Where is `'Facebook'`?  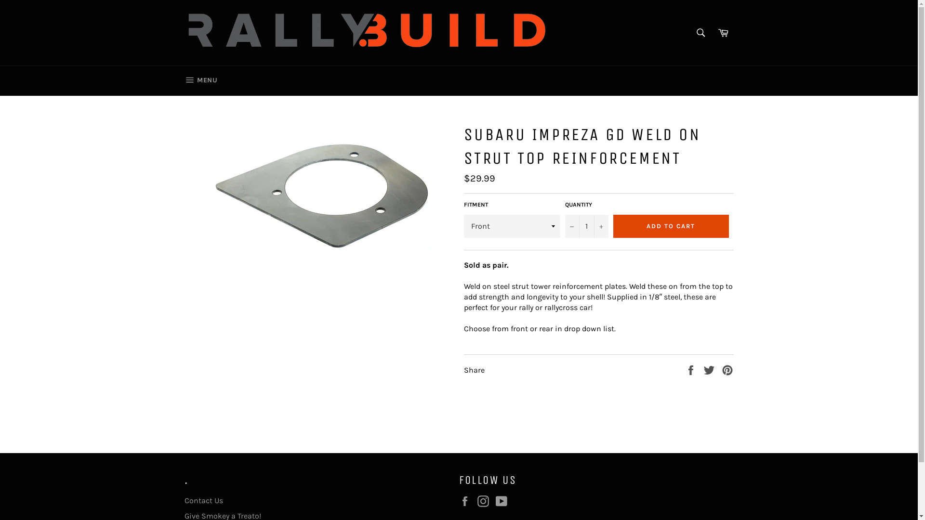 'Facebook' is located at coordinates (467, 501).